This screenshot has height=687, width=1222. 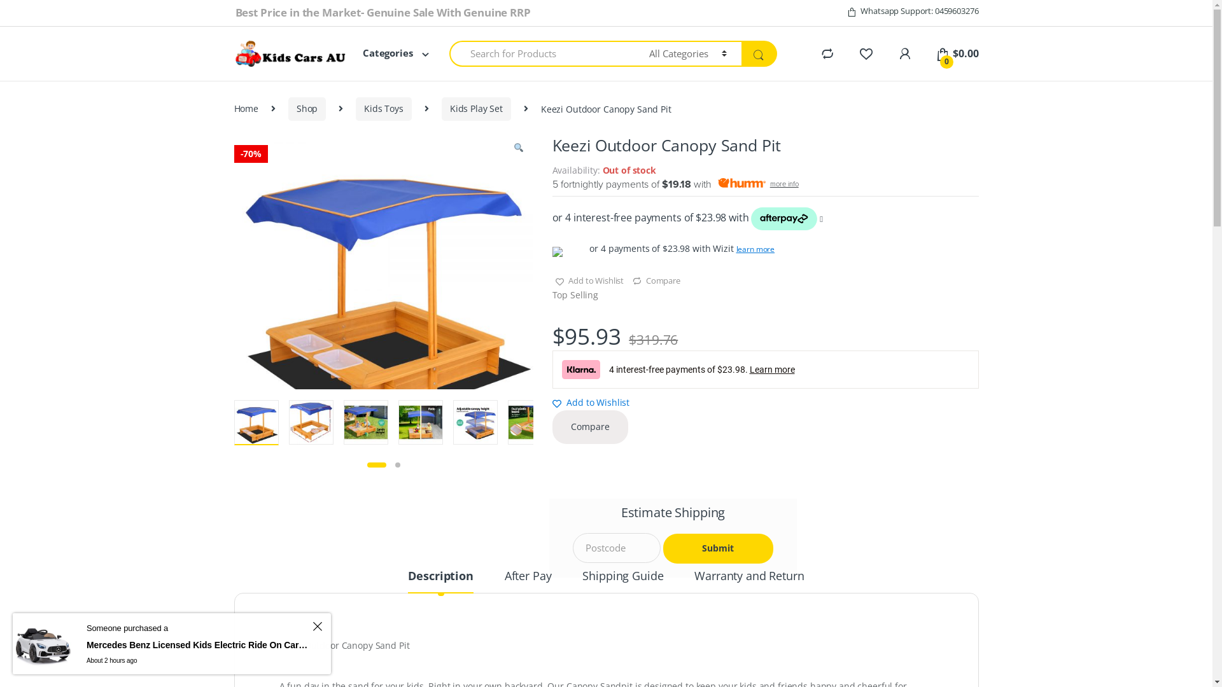 I want to click on 'Warranty and Return', so click(x=693, y=581).